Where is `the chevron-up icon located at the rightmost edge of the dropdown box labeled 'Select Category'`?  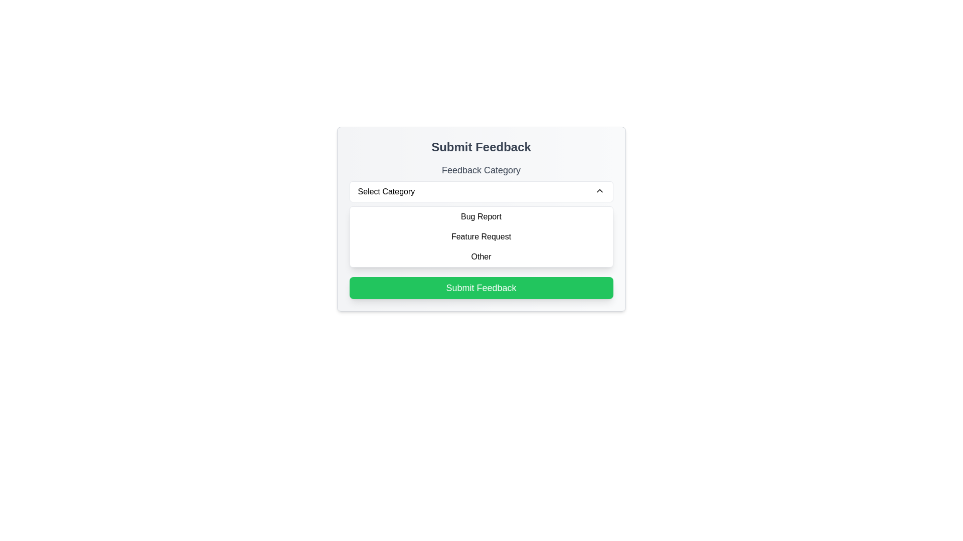
the chevron-up icon located at the rightmost edge of the dropdown box labeled 'Select Category' is located at coordinates (599, 191).